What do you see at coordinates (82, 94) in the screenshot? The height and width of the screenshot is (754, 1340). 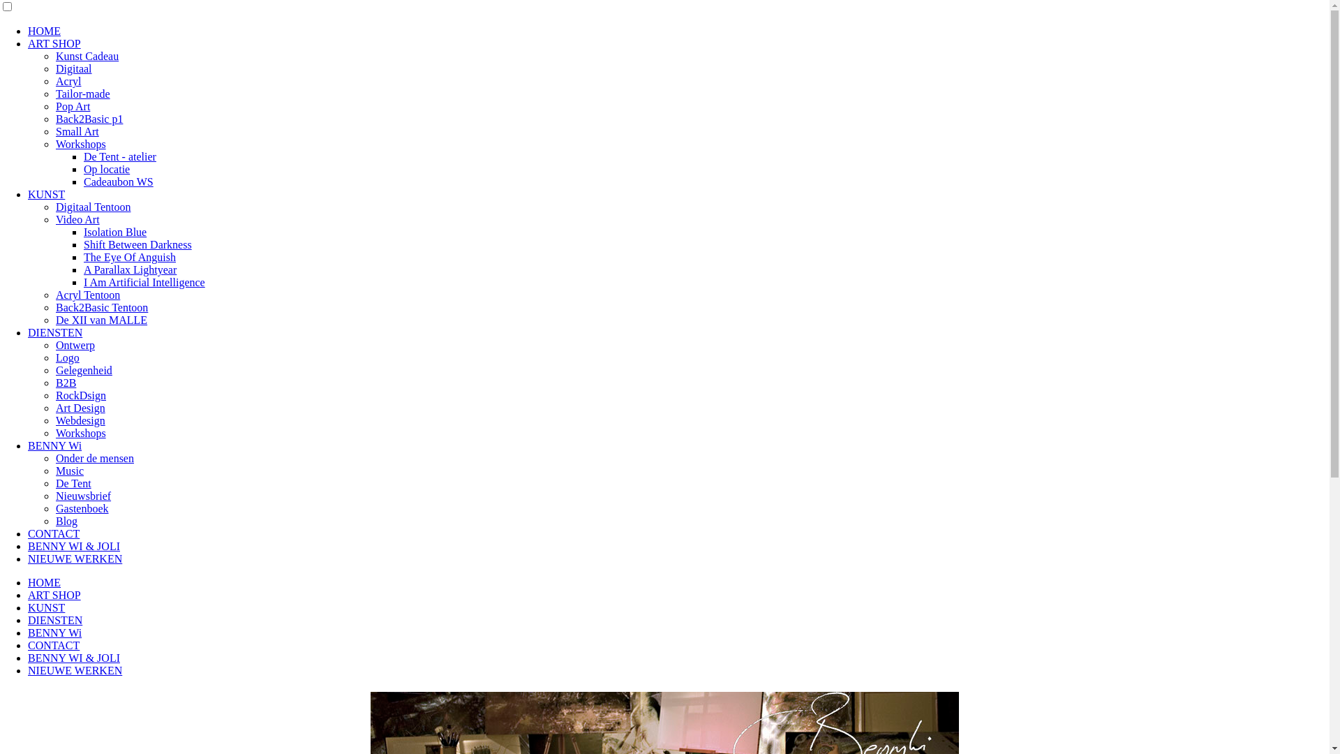 I see `'Tailor-made'` at bounding box center [82, 94].